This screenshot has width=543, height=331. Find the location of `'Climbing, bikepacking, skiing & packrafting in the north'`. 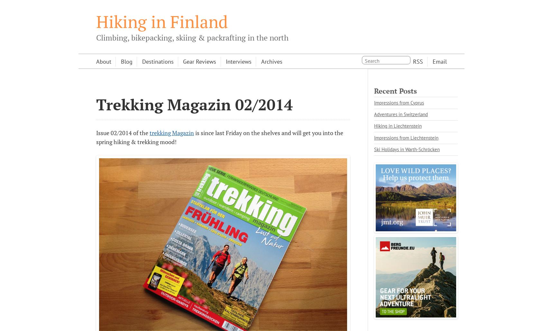

'Climbing, bikepacking, skiing & packrafting in the north' is located at coordinates (96, 37).